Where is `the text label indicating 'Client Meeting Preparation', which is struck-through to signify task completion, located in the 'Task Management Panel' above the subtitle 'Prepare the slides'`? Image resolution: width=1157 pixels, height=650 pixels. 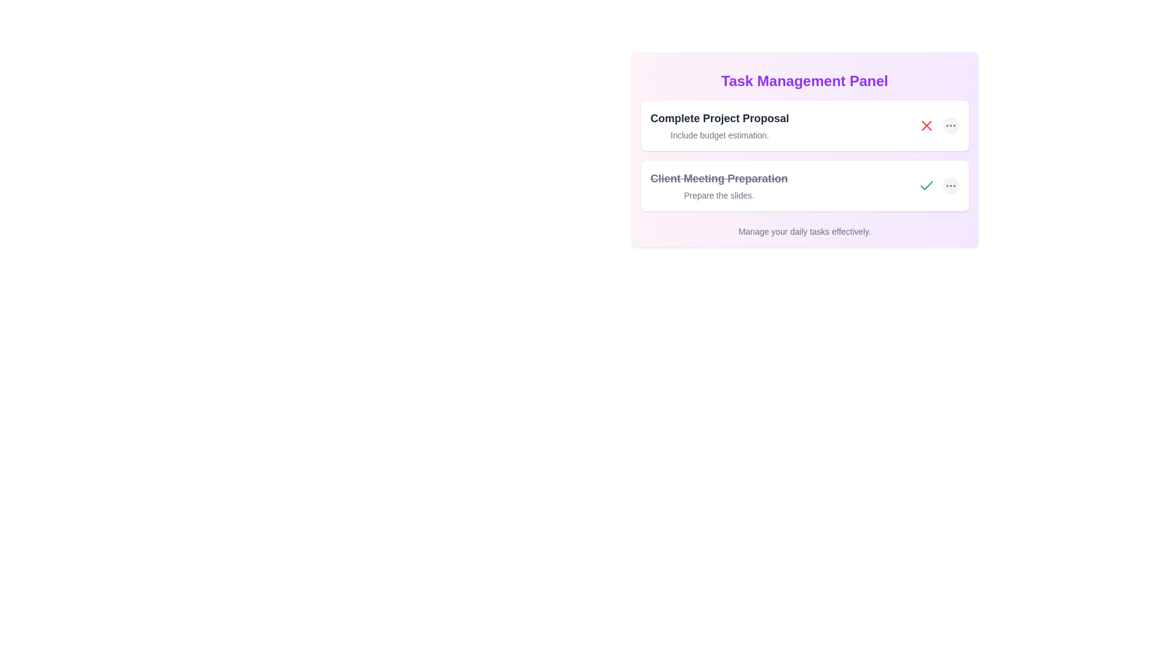 the text label indicating 'Client Meeting Preparation', which is struck-through to signify task completion, located in the 'Task Management Panel' above the subtitle 'Prepare the slides' is located at coordinates (719, 179).